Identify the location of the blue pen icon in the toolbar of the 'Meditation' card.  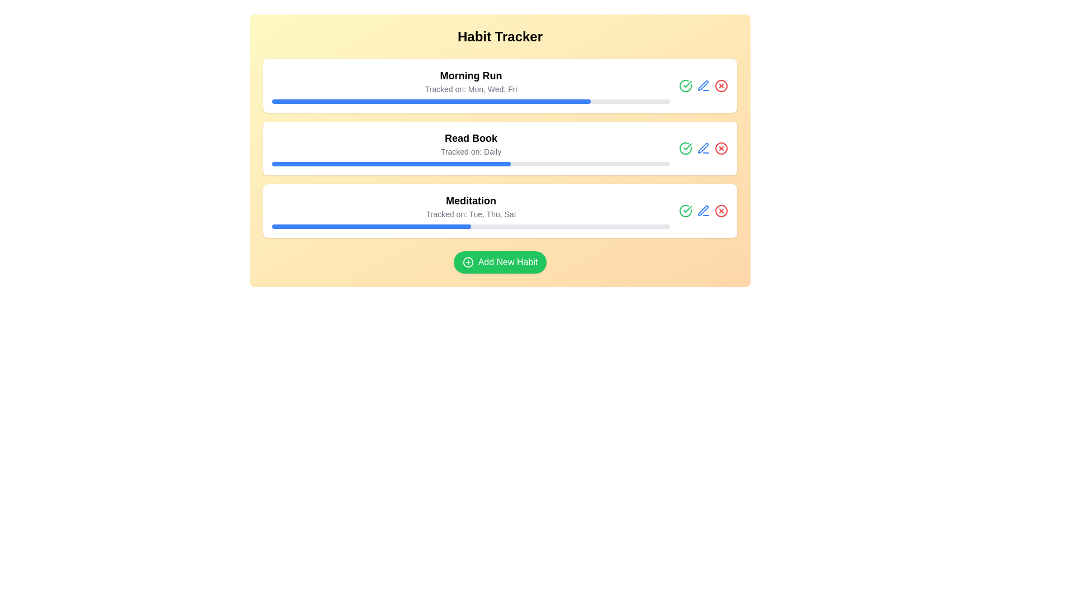
(702, 211).